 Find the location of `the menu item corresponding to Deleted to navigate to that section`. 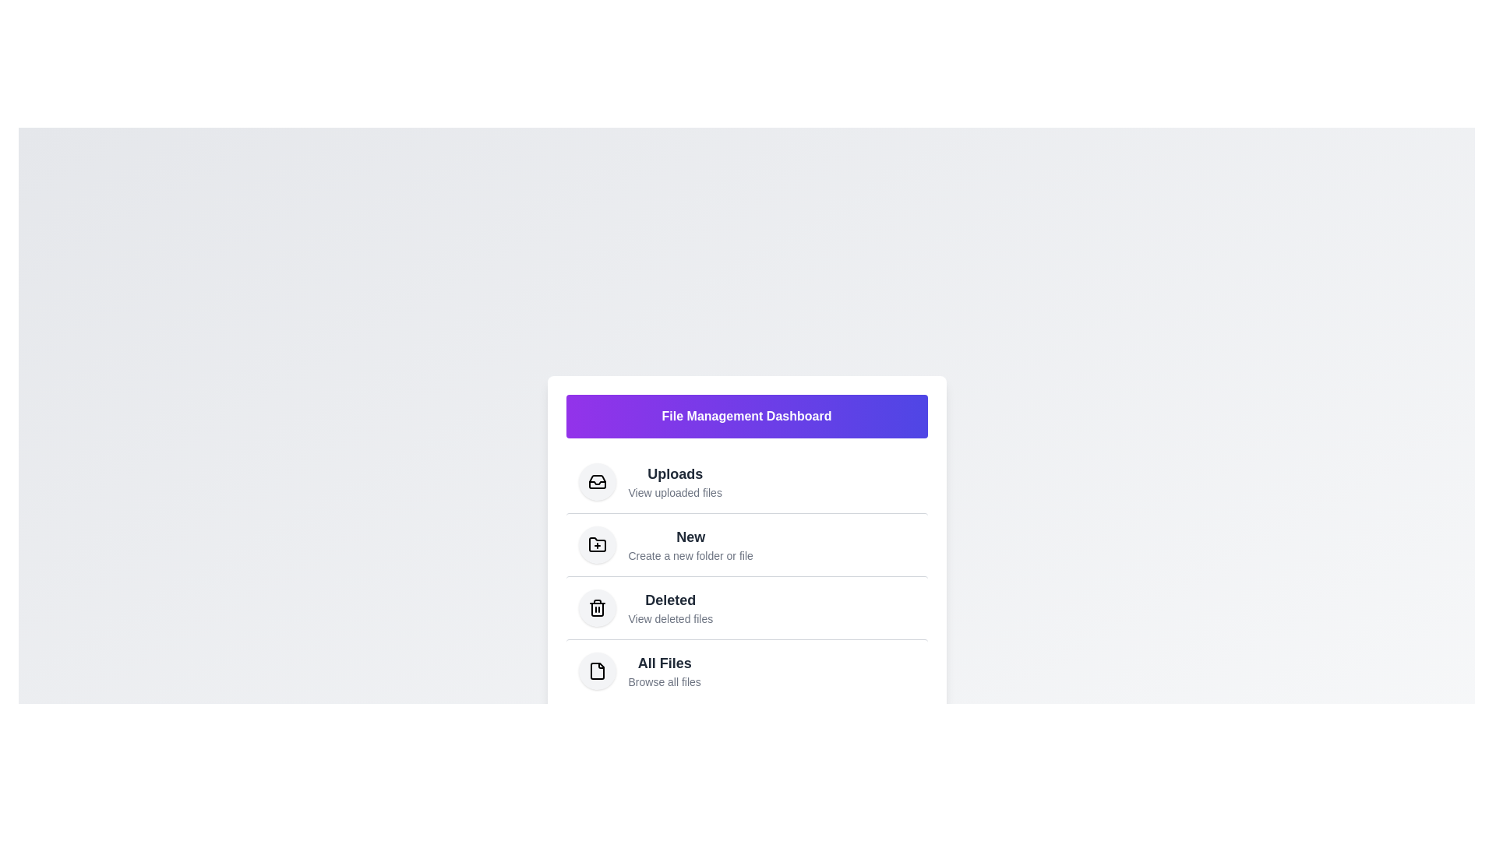

the menu item corresponding to Deleted to navigate to that section is located at coordinates (670, 607).